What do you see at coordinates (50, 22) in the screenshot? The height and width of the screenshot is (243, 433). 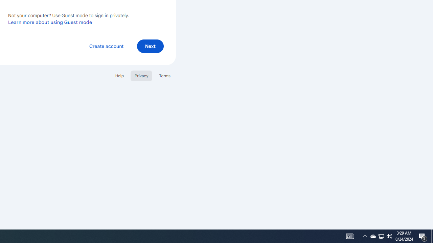 I see `'Learn more about using Guest mode'` at bounding box center [50, 22].